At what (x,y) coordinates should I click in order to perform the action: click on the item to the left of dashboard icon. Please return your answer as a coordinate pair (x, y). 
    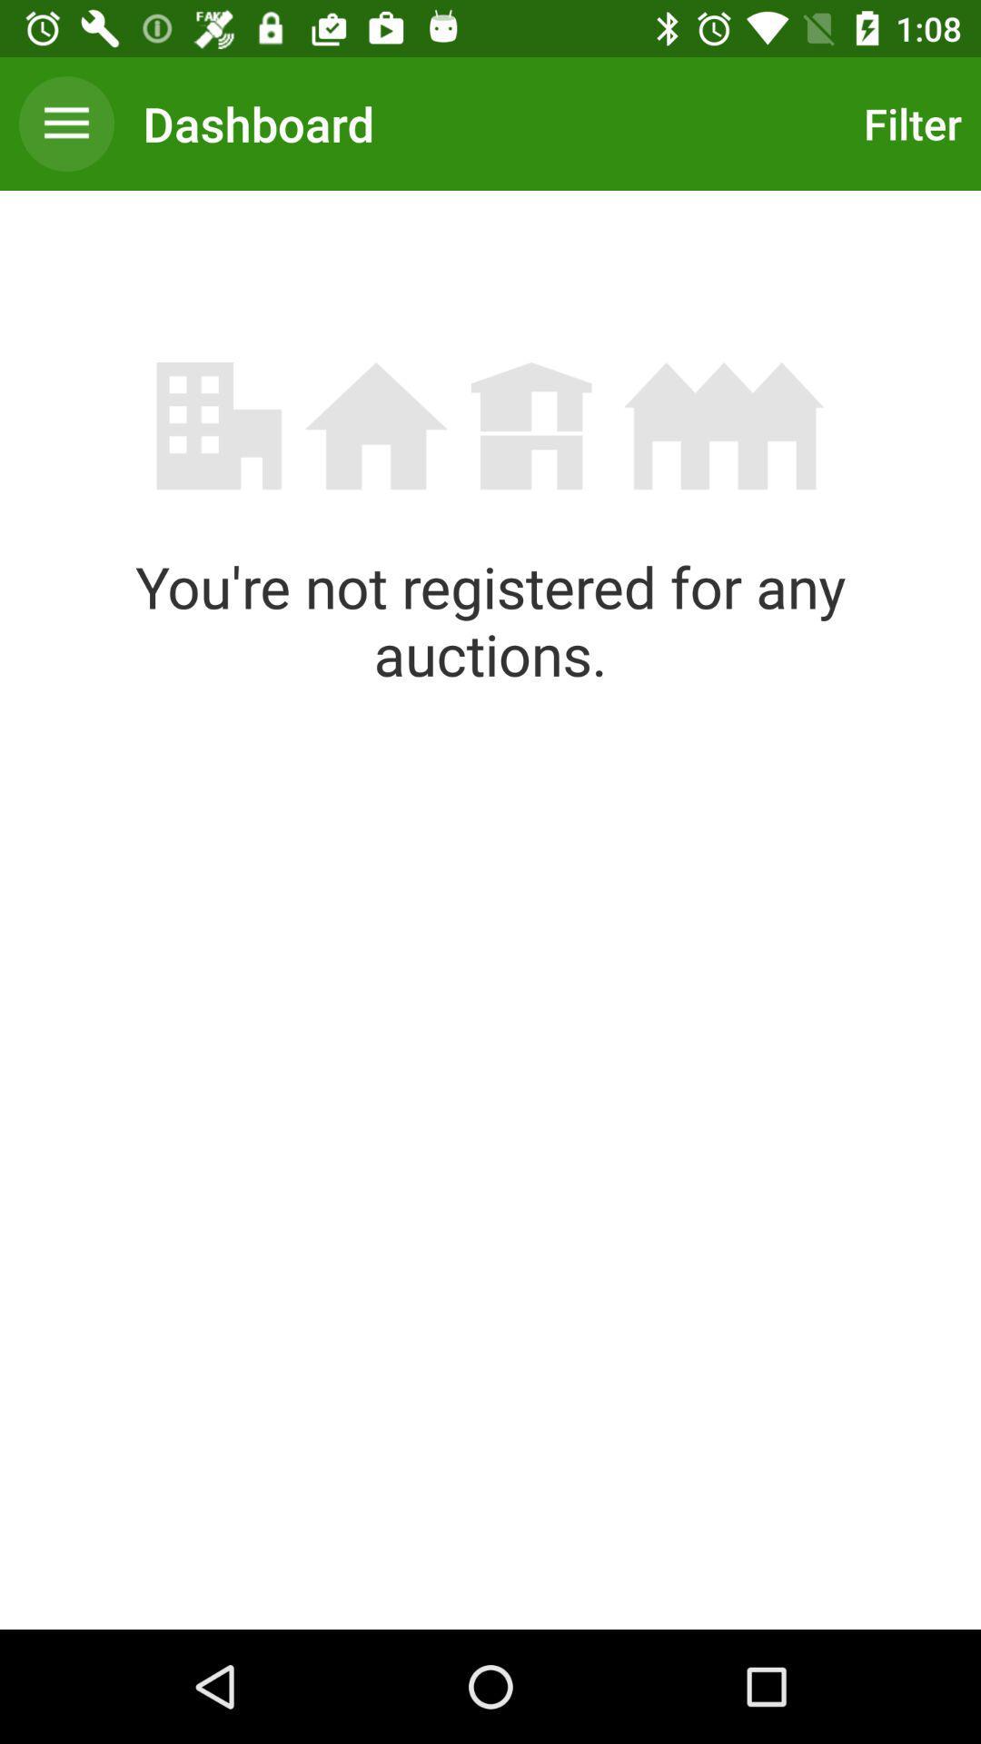
    Looking at the image, I should click on (65, 123).